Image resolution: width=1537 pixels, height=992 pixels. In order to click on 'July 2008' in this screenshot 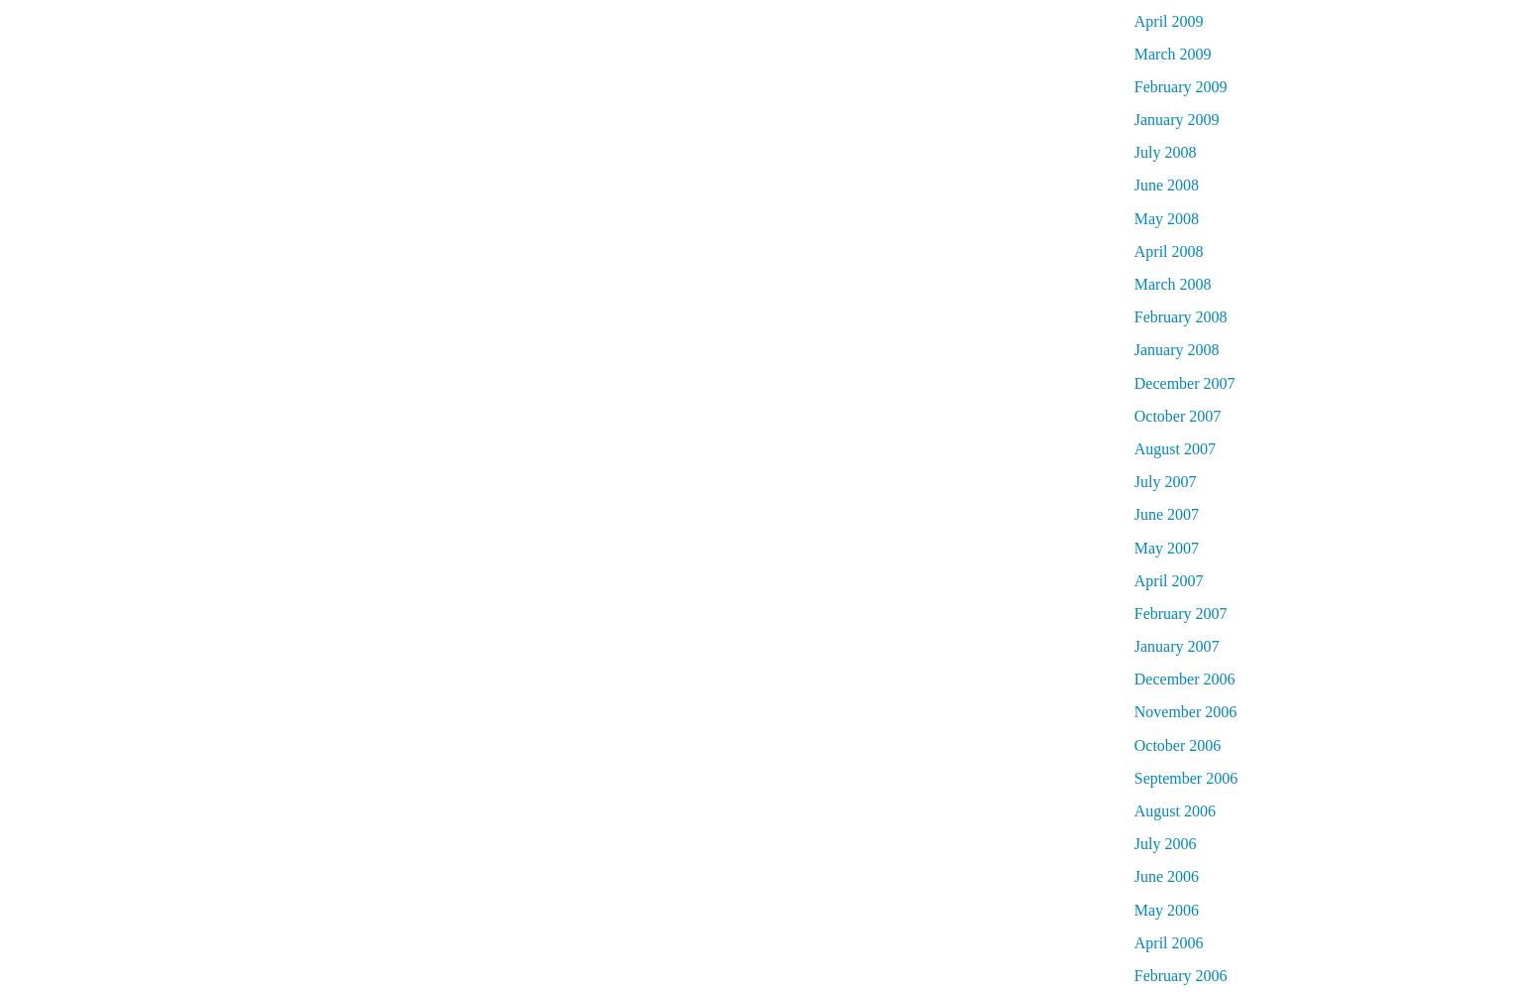, I will do `click(1131, 152)`.